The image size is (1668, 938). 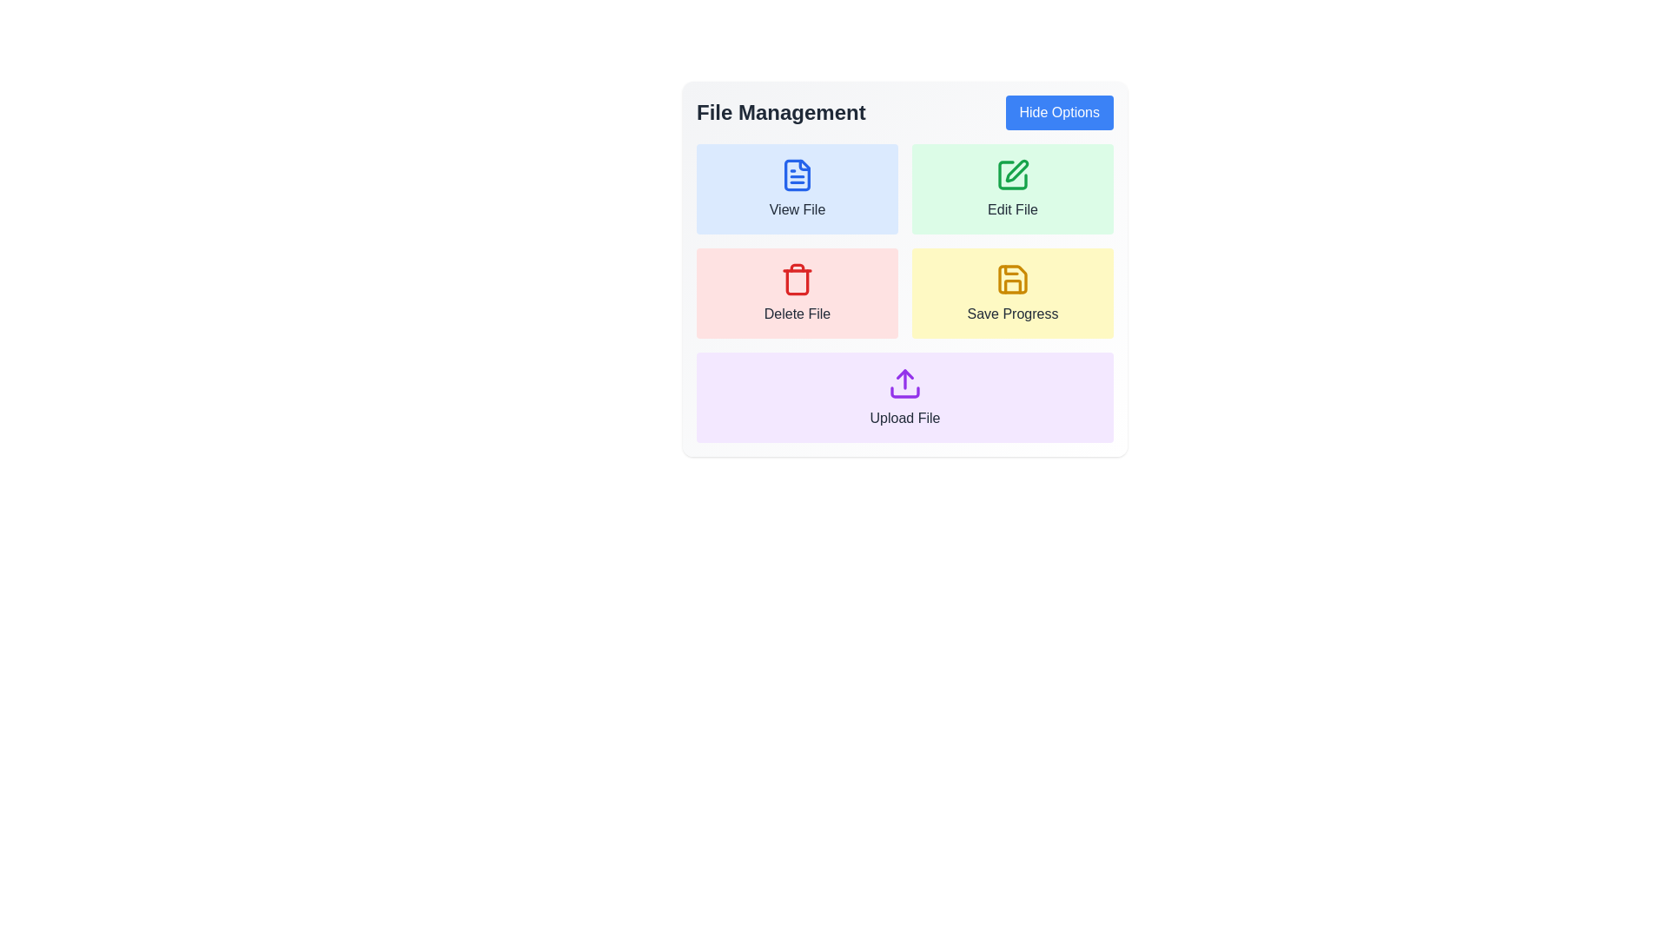 What do you see at coordinates (796, 189) in the screenshot?
I see `the 'View File' button located in the top-left corner of the 'File Management' section` at bounding box center [796, 189].